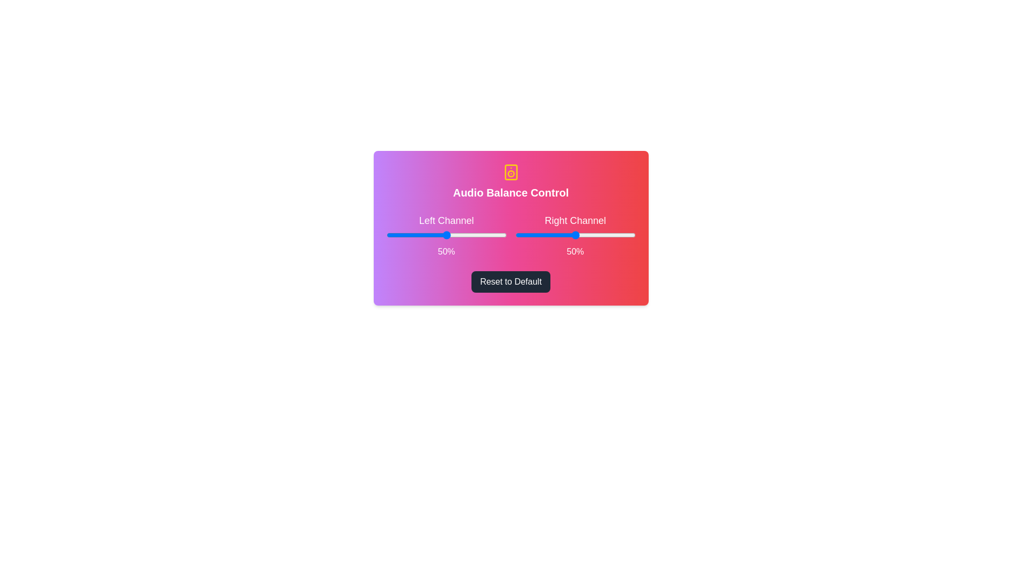 This screenshot has height=580, width=1031. I want to click on the right channel slider to set the volume to 87%, so click(620, 235).